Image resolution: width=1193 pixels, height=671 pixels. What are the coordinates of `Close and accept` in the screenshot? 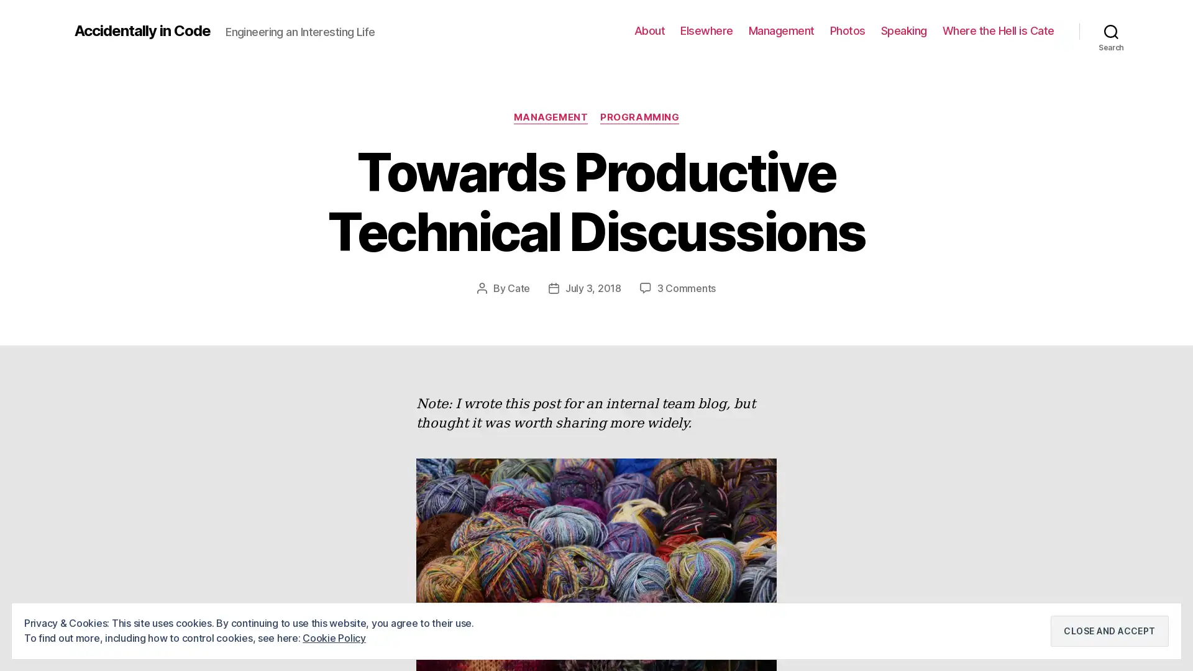 It's located at (1109, 631).